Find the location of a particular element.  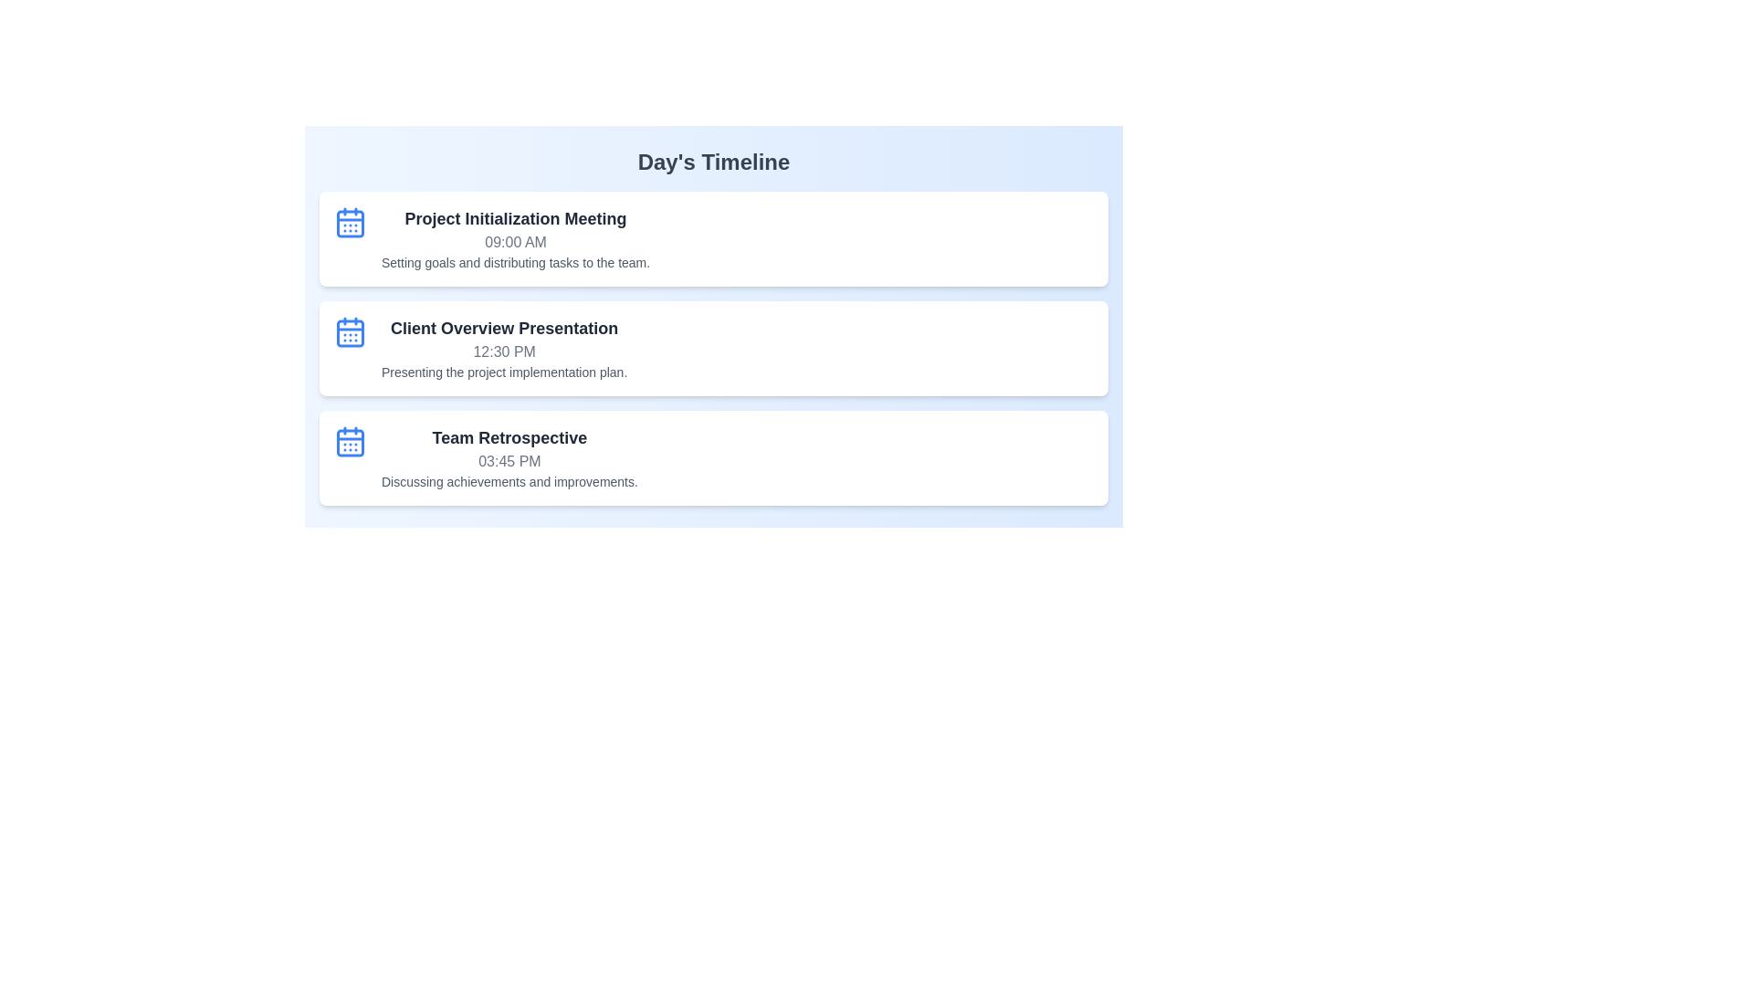

timestamp text label displaying '03:45 PM', which is styled in gray and positioned between the title 'Team Retrospective' and the subtitle 'Discussing achievements and improvements.' is located at coordinates (509, 460).